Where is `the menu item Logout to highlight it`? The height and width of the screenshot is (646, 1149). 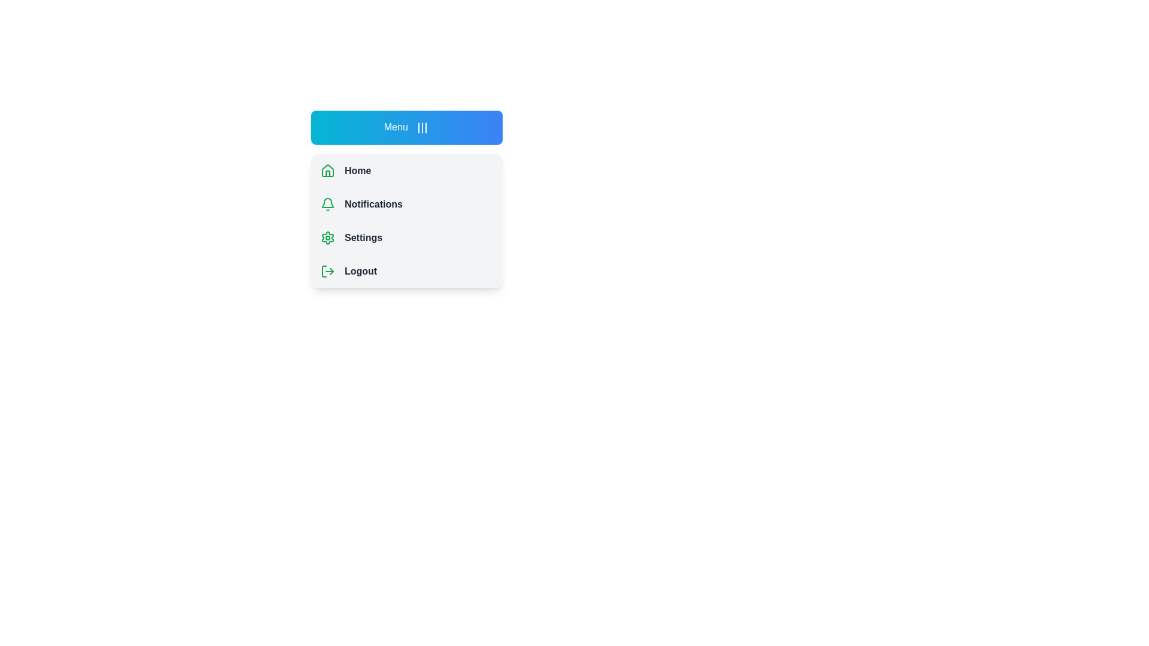 the menu item Logout to highlight it is located at coordinates (407, 271).